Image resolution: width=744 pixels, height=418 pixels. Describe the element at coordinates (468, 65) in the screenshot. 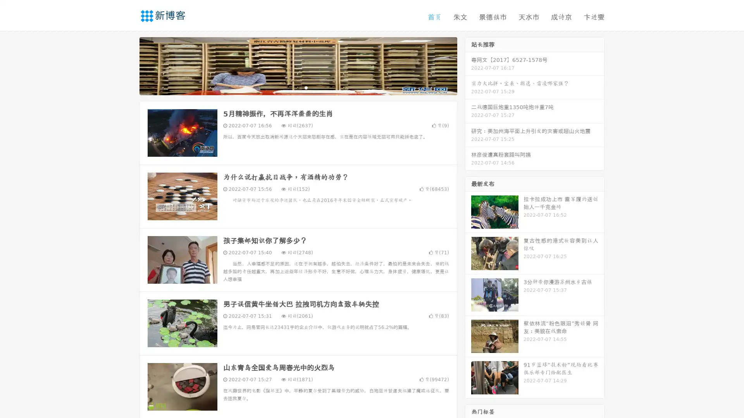

I see `Next slide` at that location.